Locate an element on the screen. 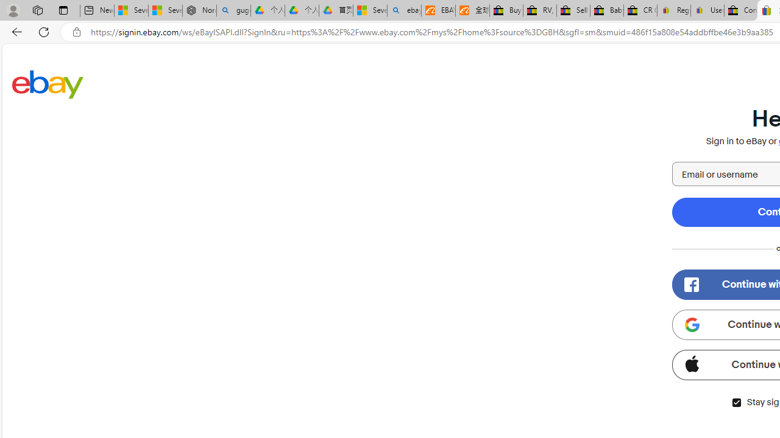 This screenshot has height=438, width=780. 'Class: fb-icon' is located at coordinates (691, 285).